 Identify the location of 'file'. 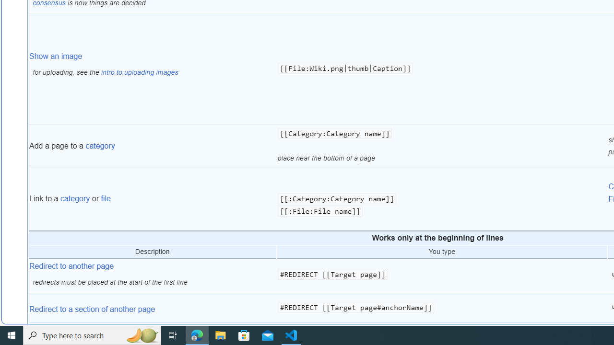
(106, 198).